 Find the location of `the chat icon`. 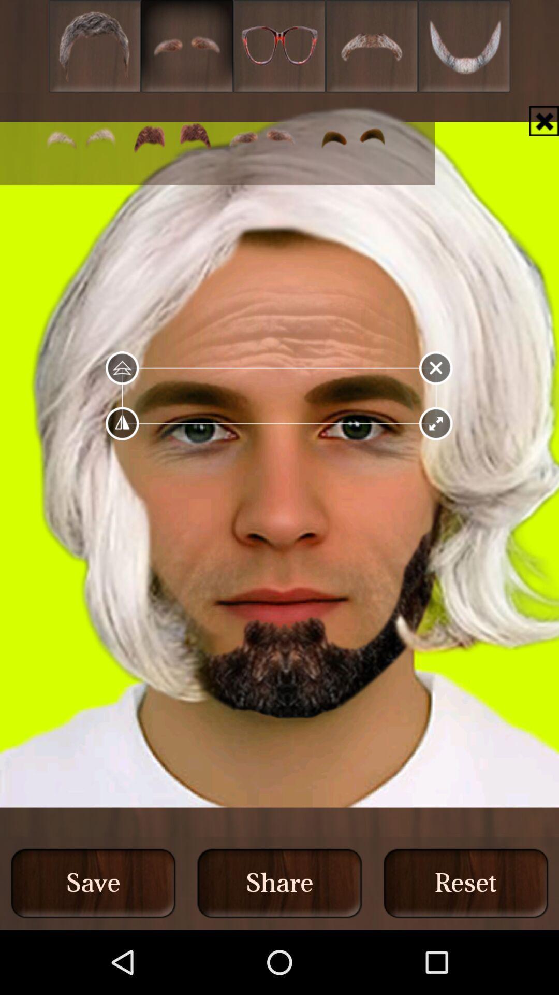

the chat icon is located at coordinates (171, 148).